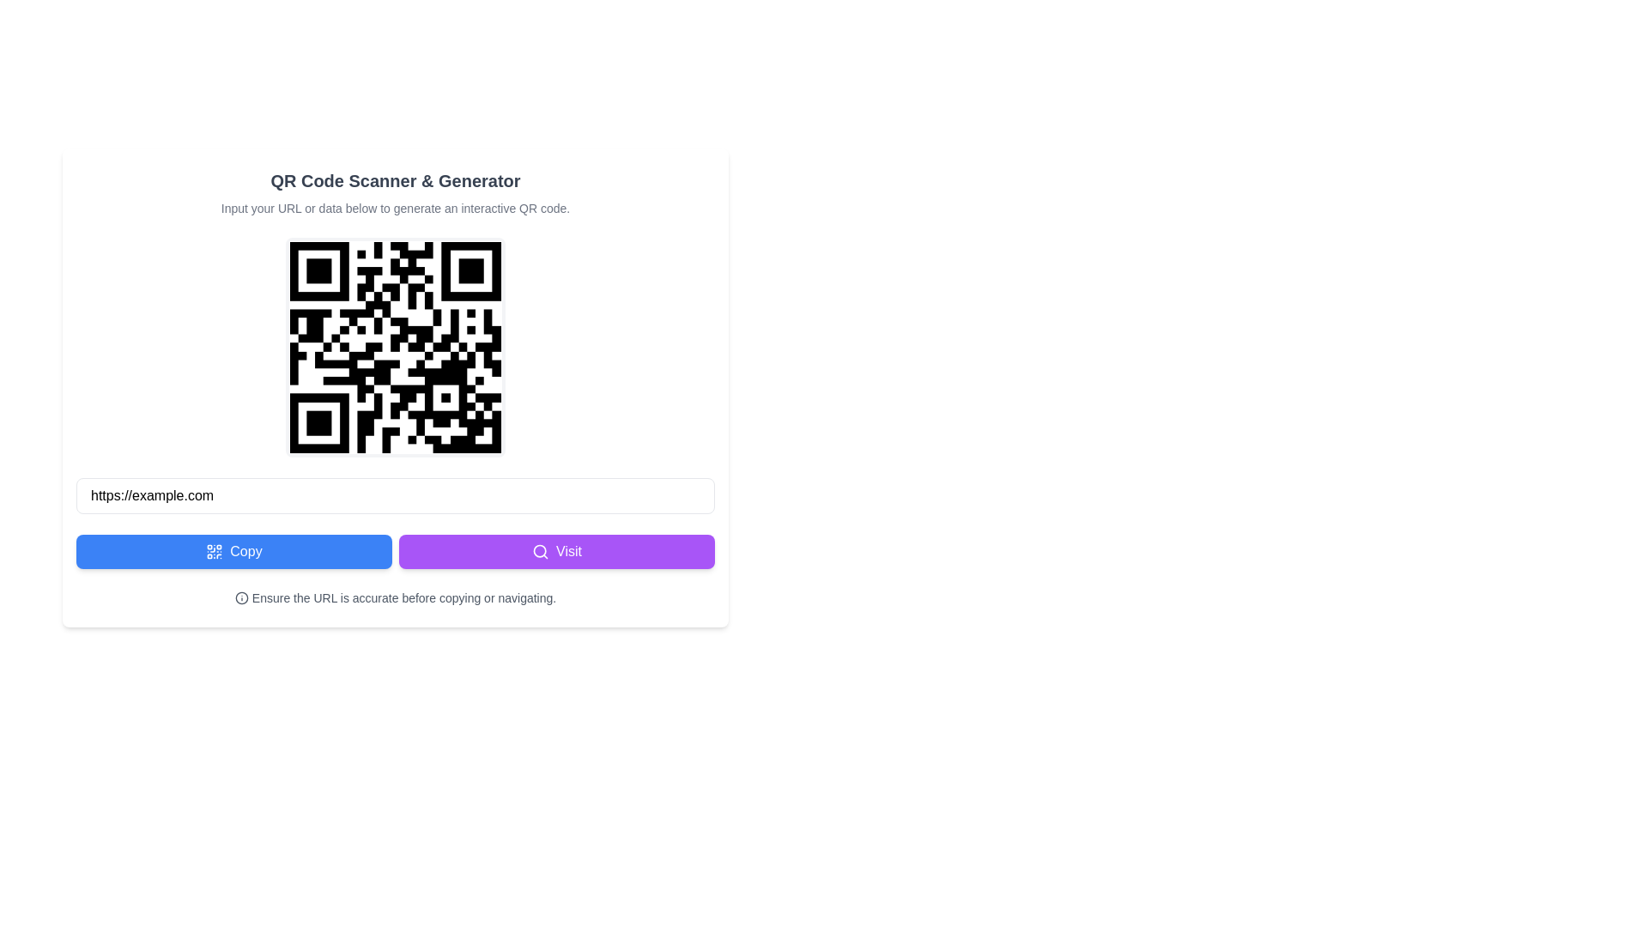 The width and height of the screenshot is (1648, 927). I want to click on the 'Copy' button located at the bottom left of the webpage to copy the content from the input field above it to the clipboard, so click(233, 552).